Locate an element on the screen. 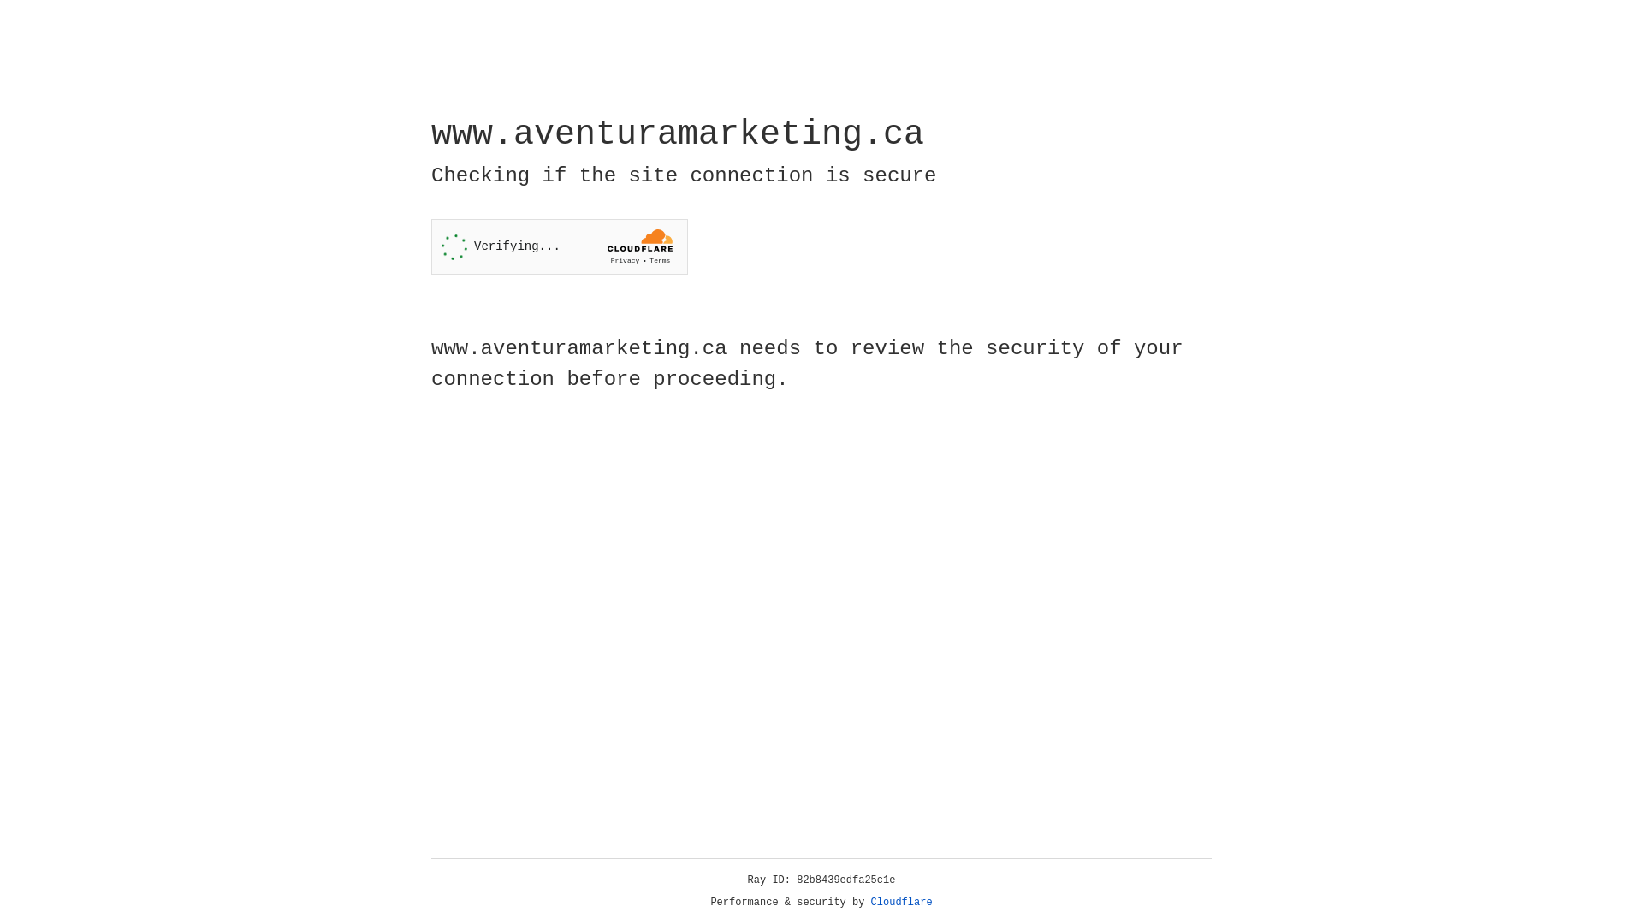 The height and width of the screenshot is (924, 1643). 'Widget containing a Cloudflare security challenge' is located at coordinates (559, 246).